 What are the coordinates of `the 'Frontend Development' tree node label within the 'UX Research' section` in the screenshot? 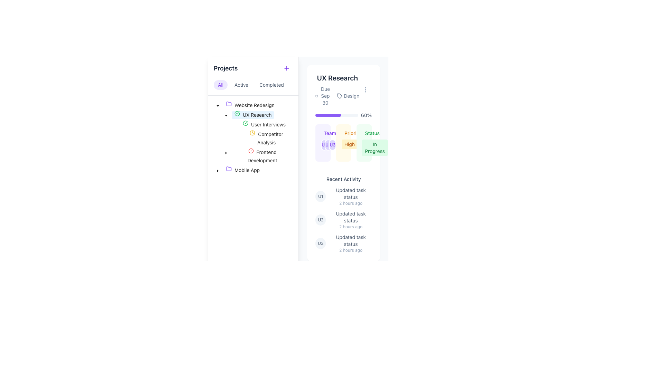 It's located at (262, 156).